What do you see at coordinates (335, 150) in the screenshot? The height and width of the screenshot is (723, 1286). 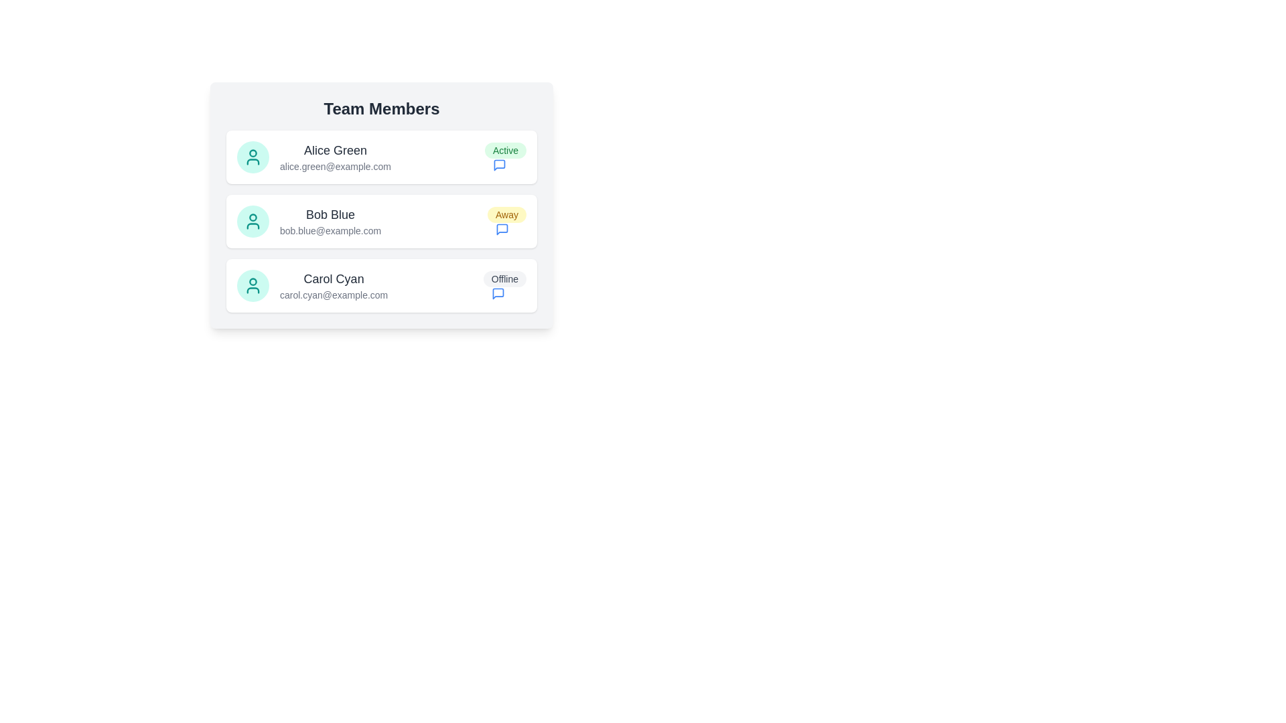 I see `the bold text label displaying 'Alice Green' located at the top-left corner of her team member card for additional information` at bounding box center [335, 150].